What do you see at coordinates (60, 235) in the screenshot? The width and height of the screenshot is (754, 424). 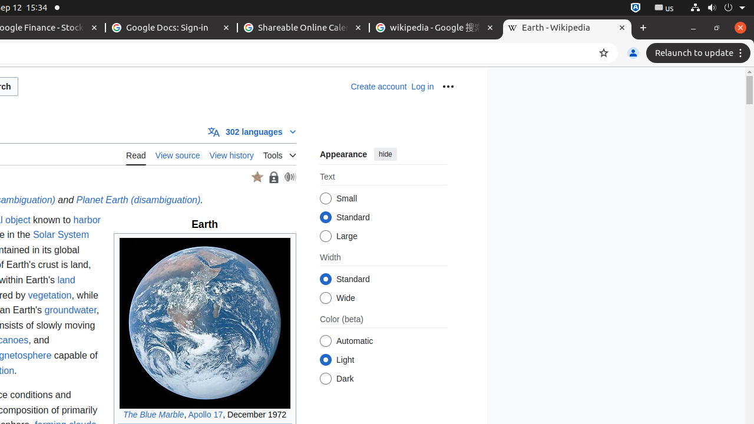 I see `'Solar System'` at bounding box center [60, 235].